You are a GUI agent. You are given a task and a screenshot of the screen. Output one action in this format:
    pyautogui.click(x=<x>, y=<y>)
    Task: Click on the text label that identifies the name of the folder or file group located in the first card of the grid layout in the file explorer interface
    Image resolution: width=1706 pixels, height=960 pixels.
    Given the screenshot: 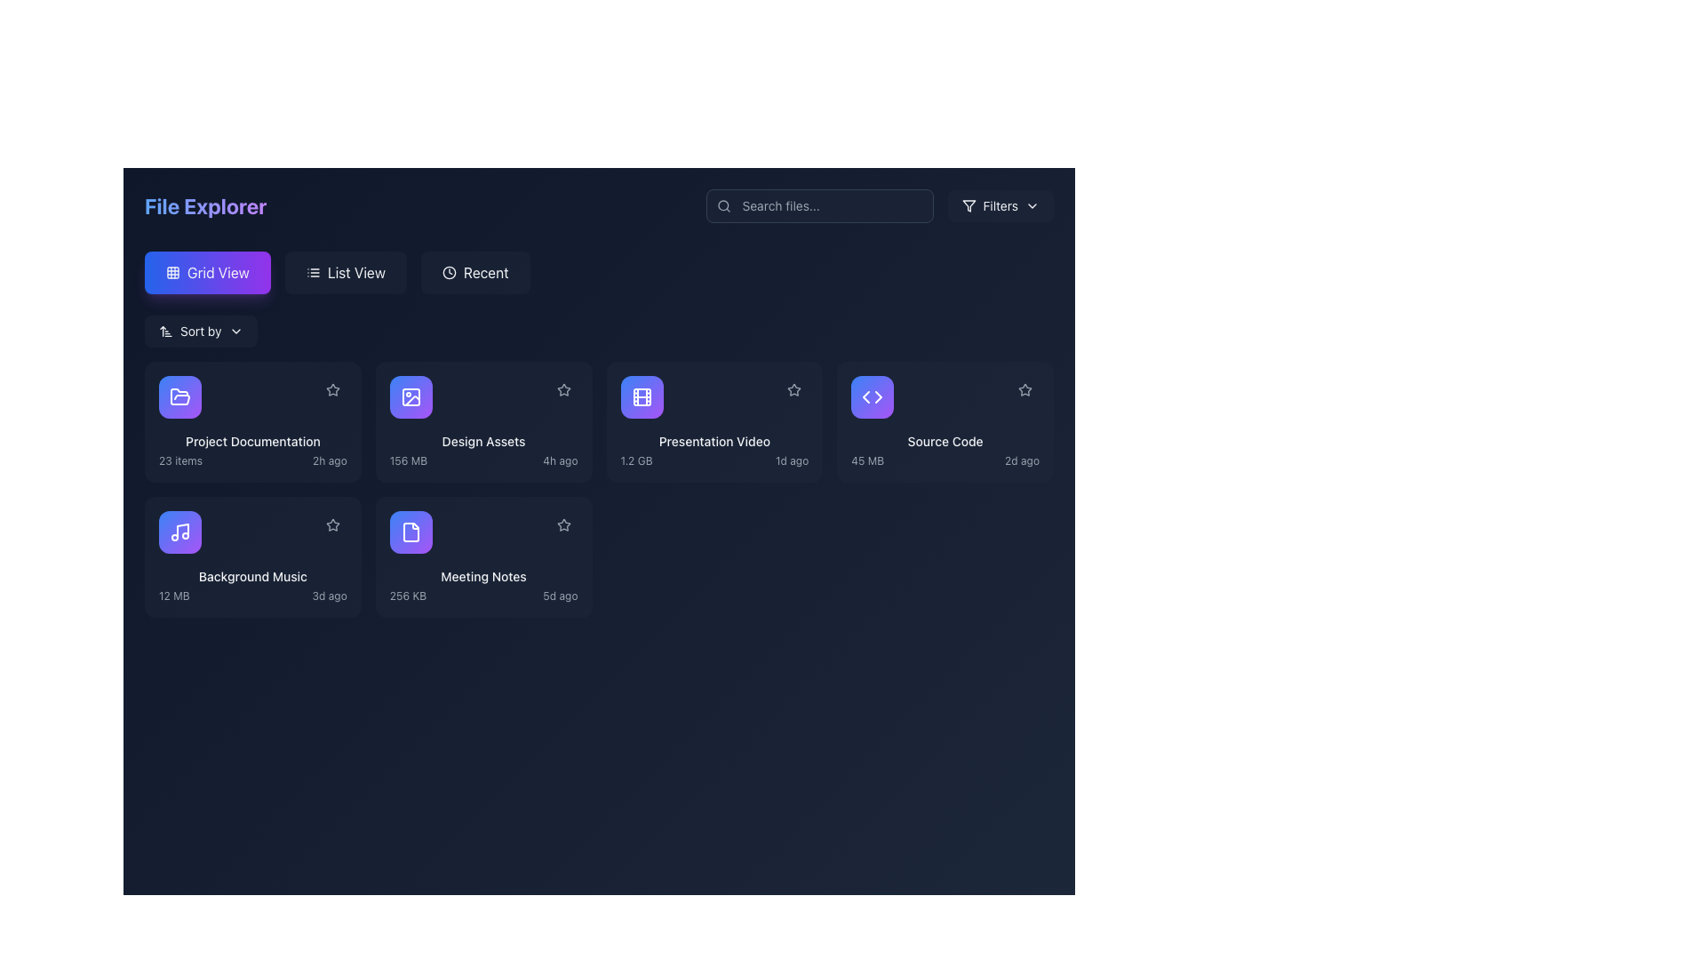 What is the action you would take?
    pyautogui.click(x=251, y=441)
    